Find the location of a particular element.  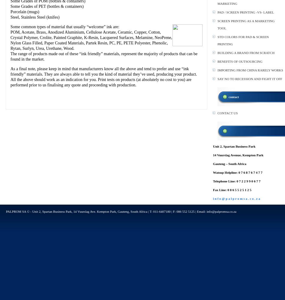

'POM, Acetate, Brass, Anodized Aluminium, Cellulose Acetate, Ceramic, Copper, Cotton, Crystal Polymer, Crolite, Painted Graphite, K-Resin, Lacquered Surfaces, Melamine, NeoPrene, Nylon Glass Filled, Paper Coated Materials, Partek Resin, PC, PE, PETE Polyester, Phenolic, Rytan, Surlyn, Urea, Urethane, Wood.' is located at coordinates (91, 40).